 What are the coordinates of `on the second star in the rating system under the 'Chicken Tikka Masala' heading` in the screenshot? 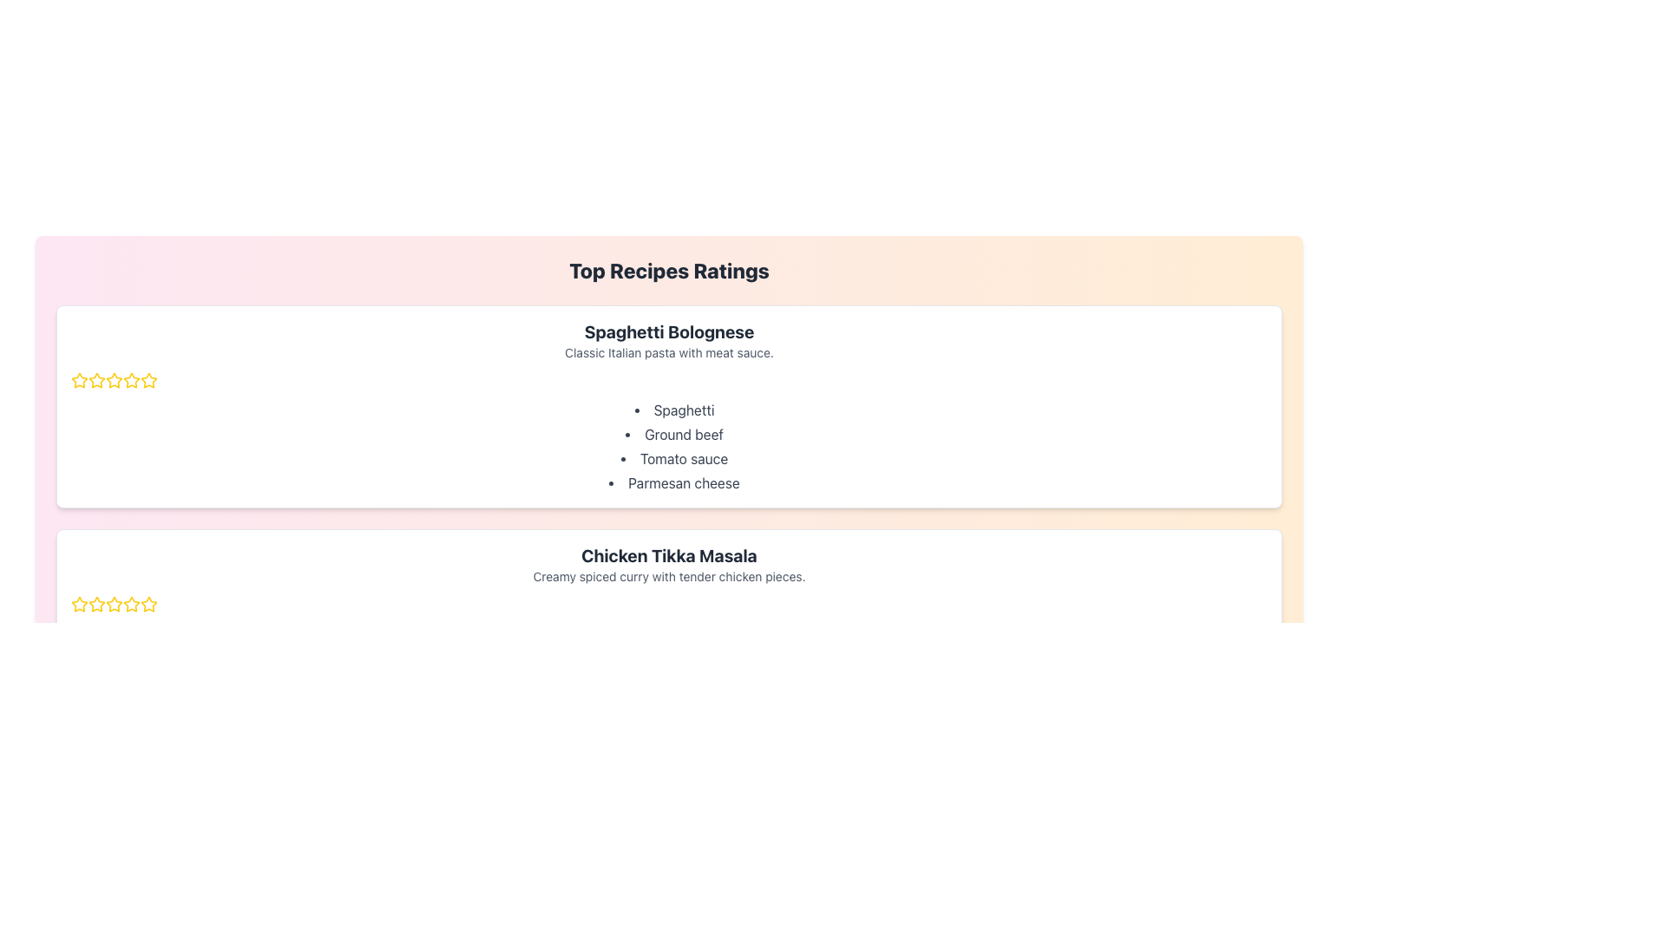 It's located at (131, 603).